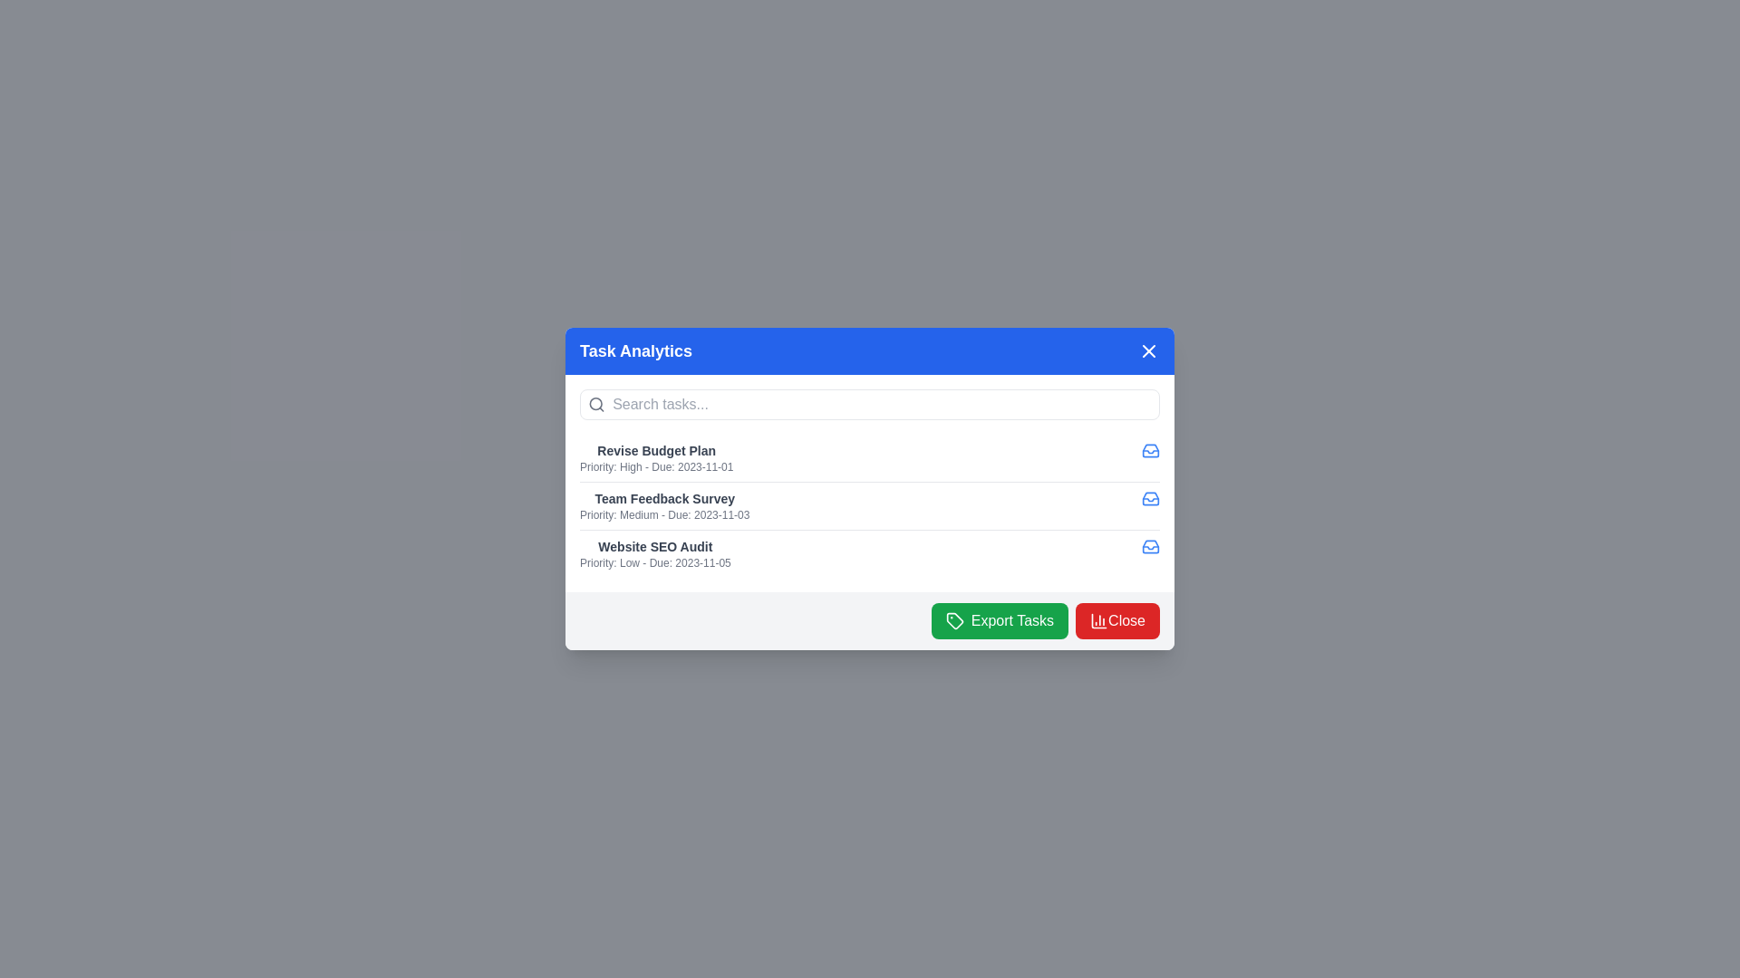 This screenshot has height=978, width=1740. What do you see at coordinates (654, 546) in the screenshot?
I see `text label which serves as the title of the third task in the 'Task Analytics' modal, positioned below 'Team Feedback Survey'` at bounding box center [654, 546].